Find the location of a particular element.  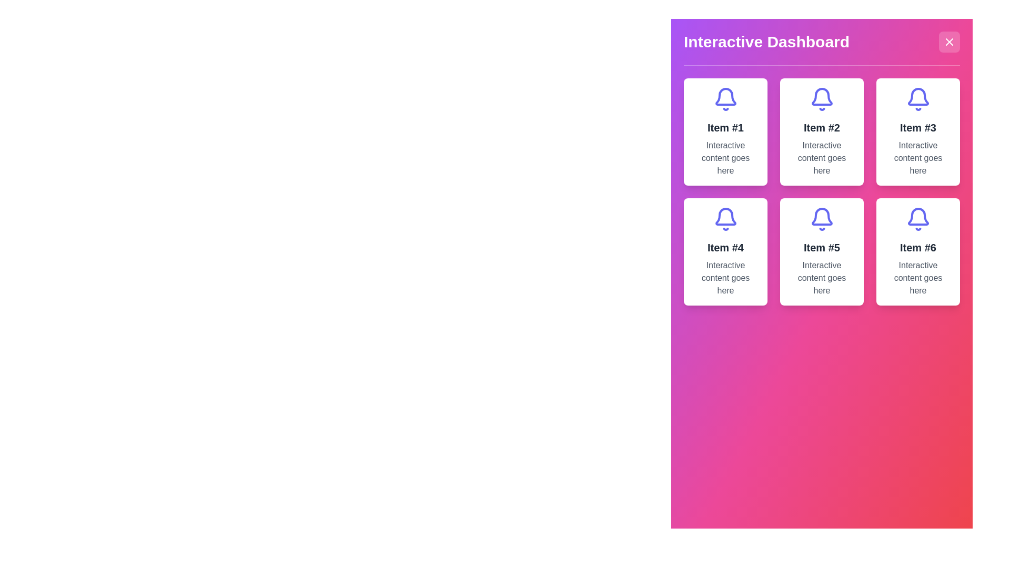

the first card in the grid layout, which is a vertically oriented rectangular card with a white background, a blue bell icon at the top, and text 'Item #1' in bold followed by 'Interactive content goes here' is located at coordinates (725, 131).